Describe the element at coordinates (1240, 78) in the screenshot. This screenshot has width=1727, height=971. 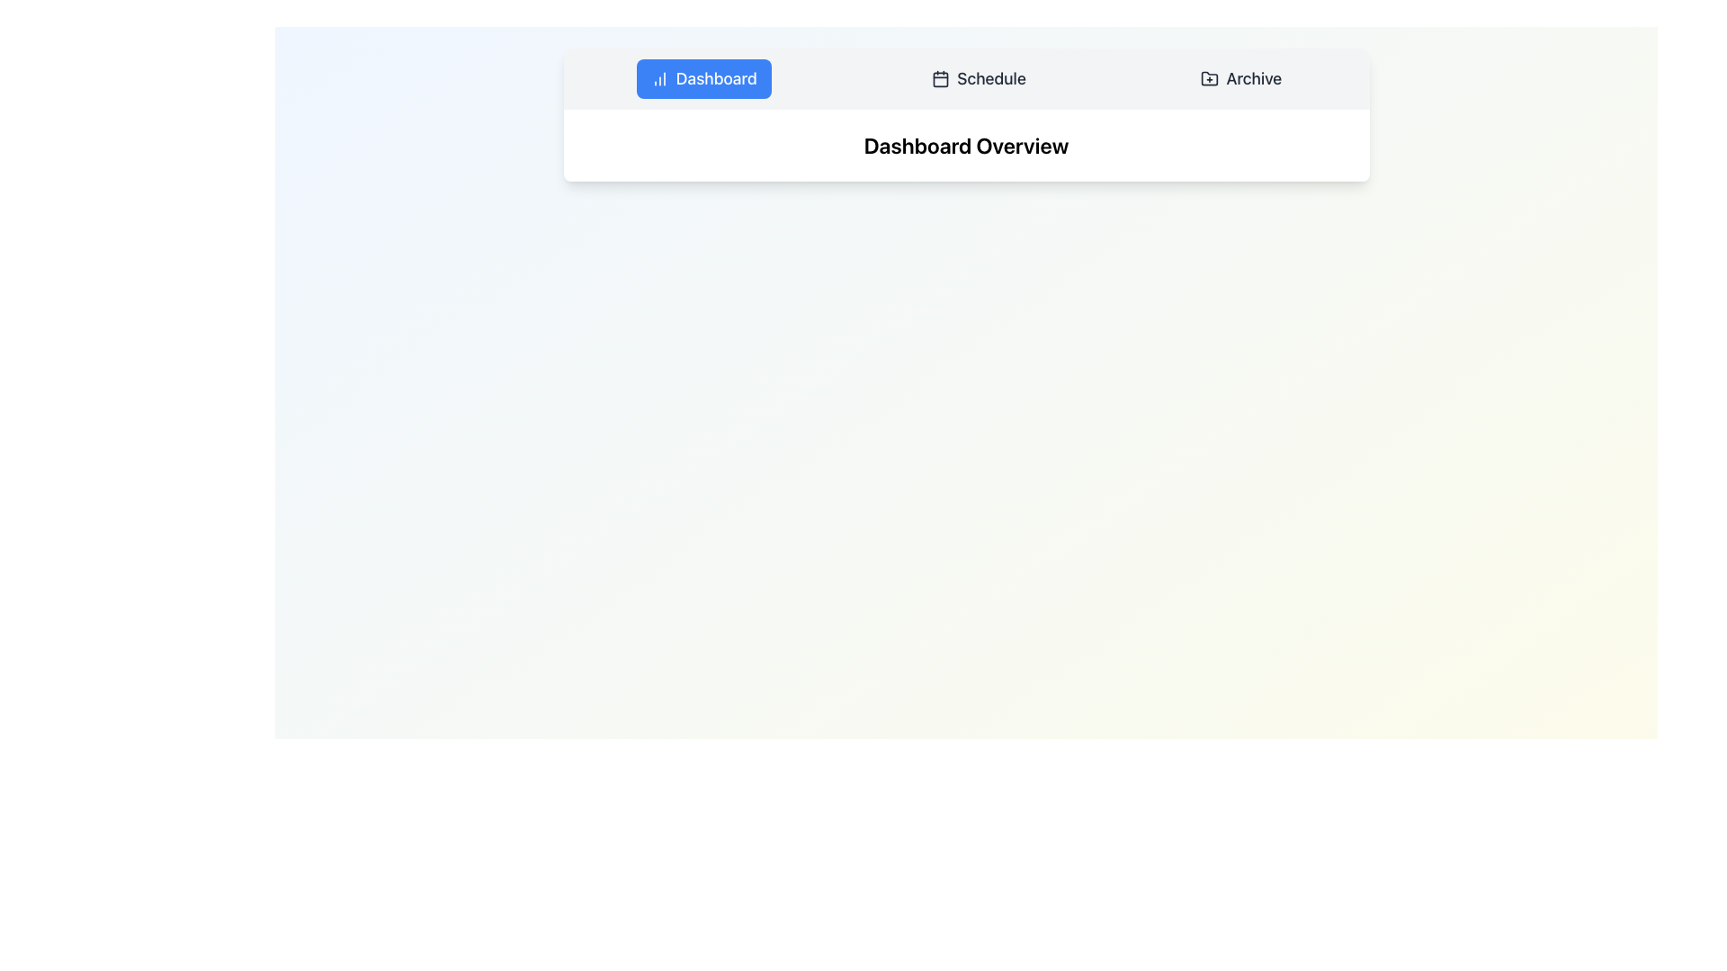
I see `the rightmost button in a horizontal group of three buttons` at that location.